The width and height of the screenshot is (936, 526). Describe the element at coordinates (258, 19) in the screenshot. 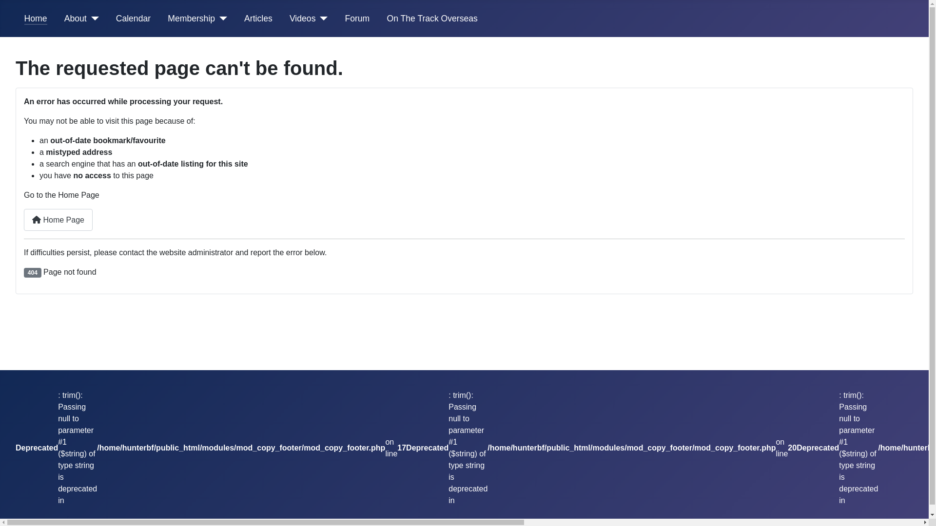

I see `'Articles'` at that location.